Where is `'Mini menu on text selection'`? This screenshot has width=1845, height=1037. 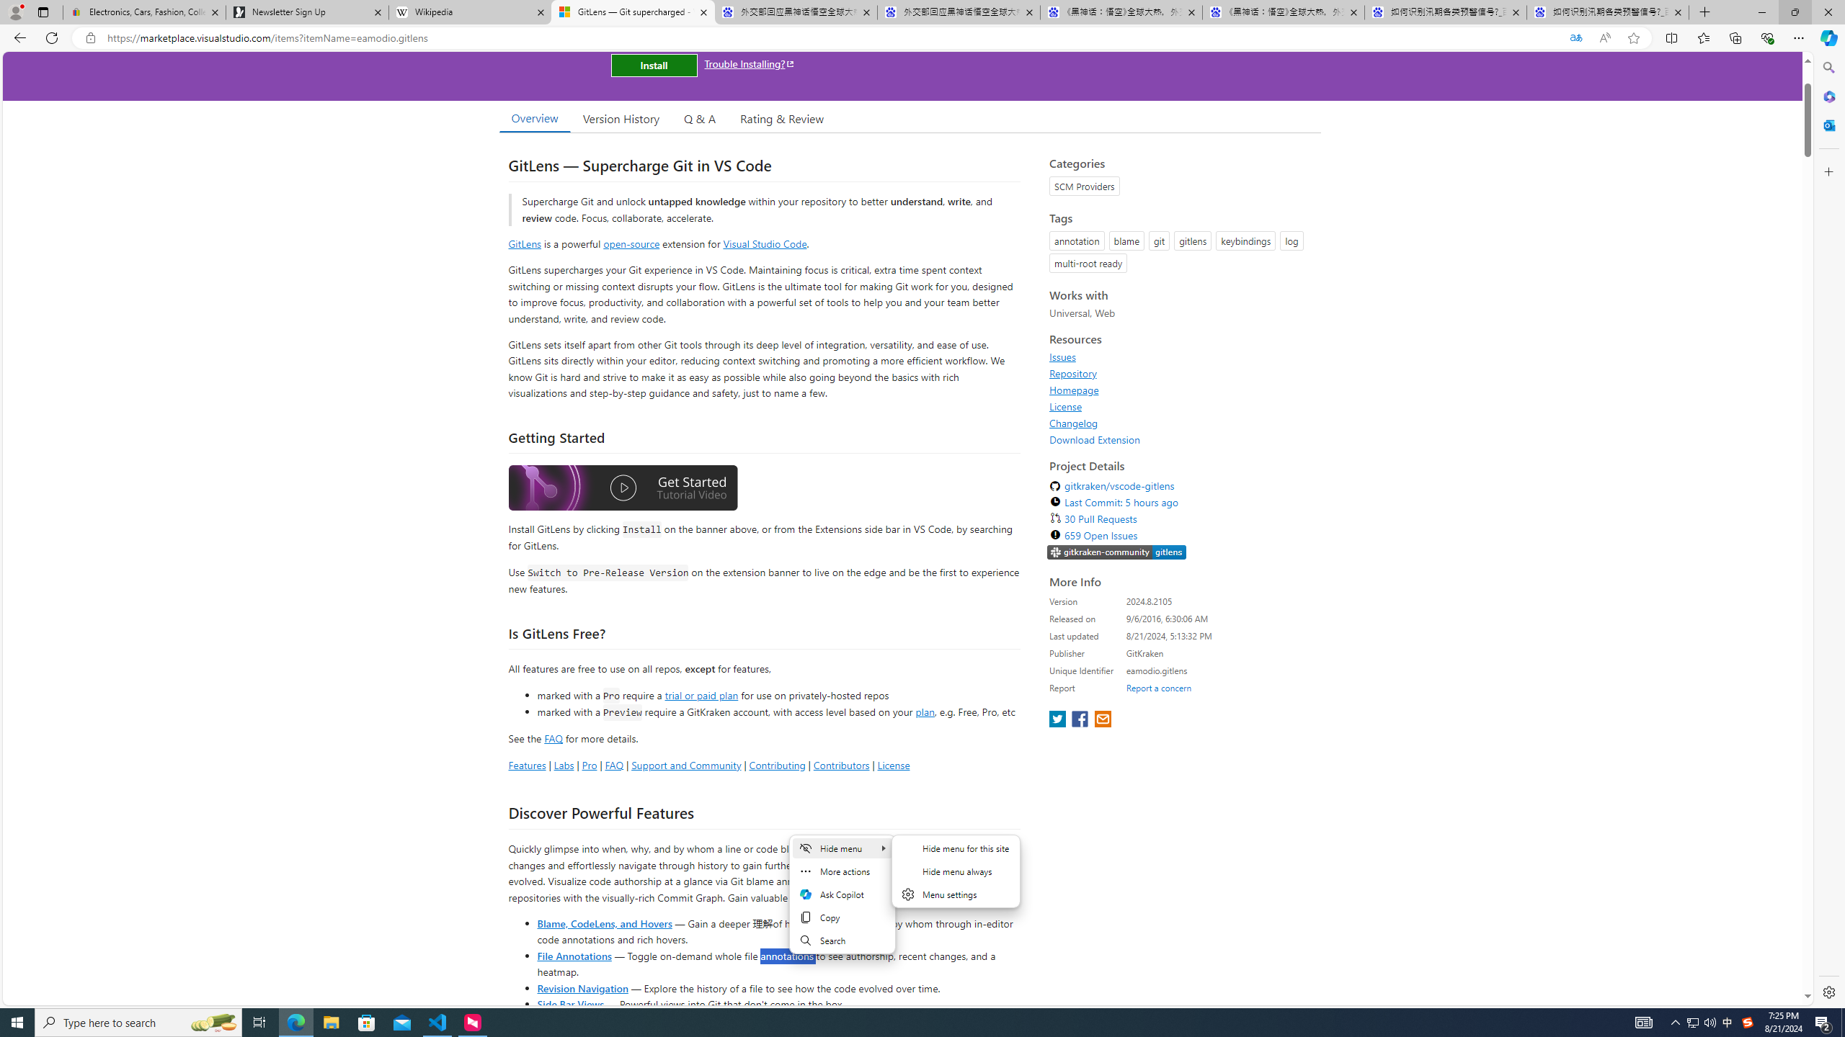 'Mini menu on text selection' is located at coordinates (841, 894).